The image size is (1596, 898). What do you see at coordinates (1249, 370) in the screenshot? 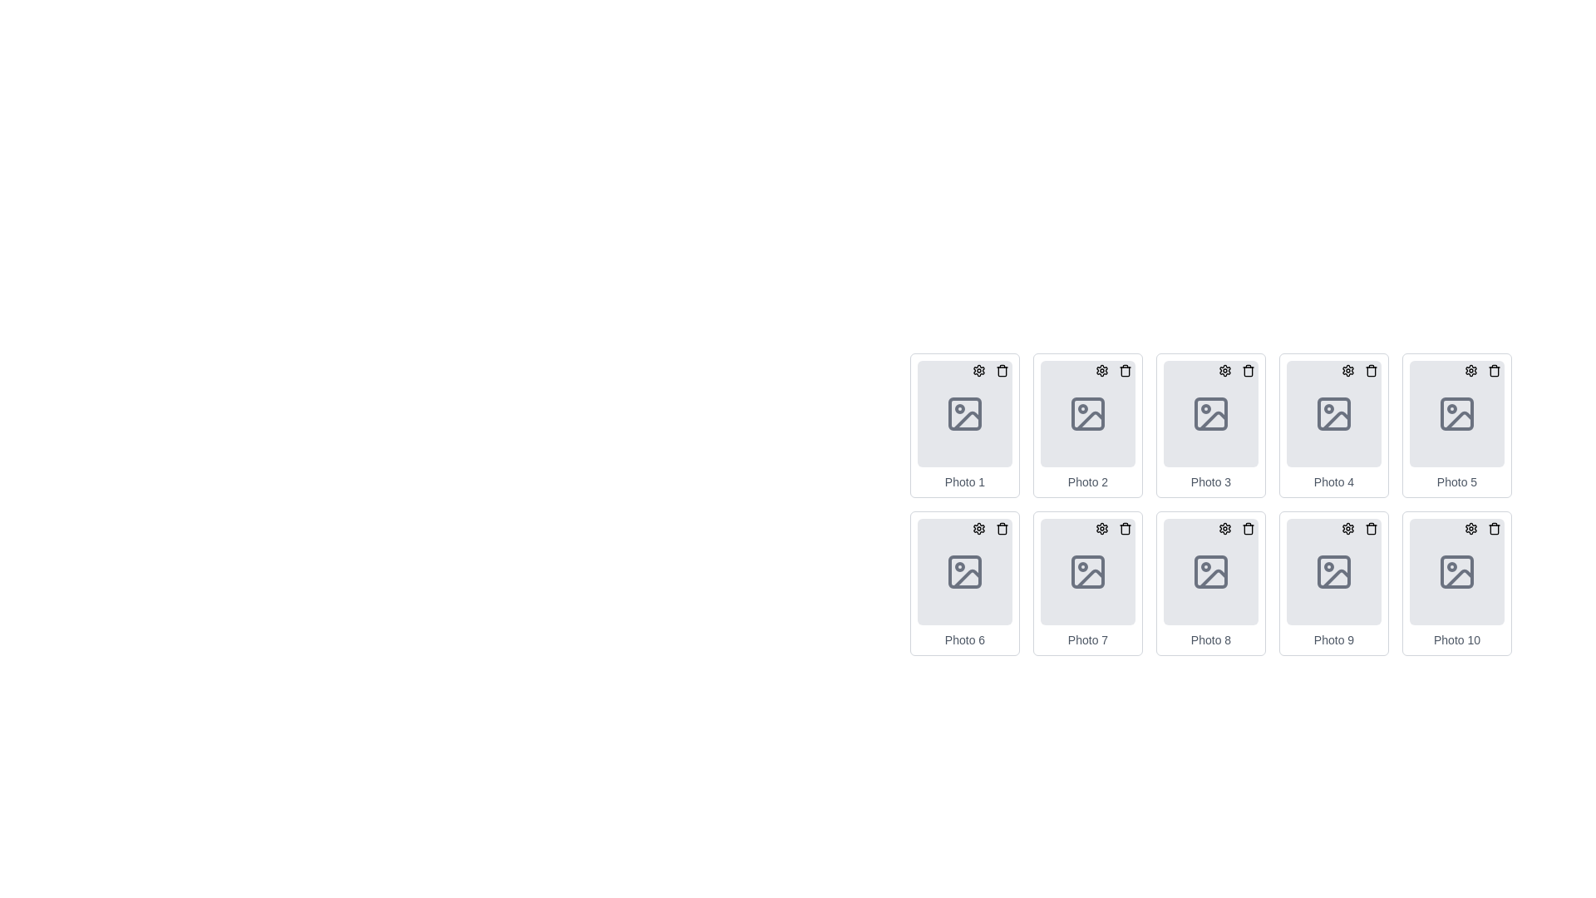
I see `the circular trash button located` at bounding box center [1249, 370].